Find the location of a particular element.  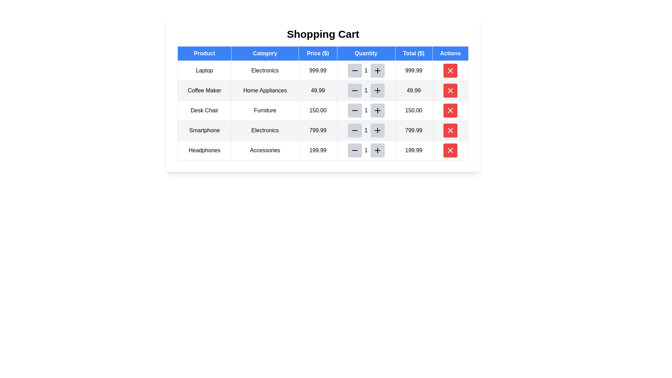

the non-editable Text label displaying the current quantity for a shopping cart item, located in the second cell group of the 'Quantity' column, between the minus and plus buttons is located at coordinates (366, 70).